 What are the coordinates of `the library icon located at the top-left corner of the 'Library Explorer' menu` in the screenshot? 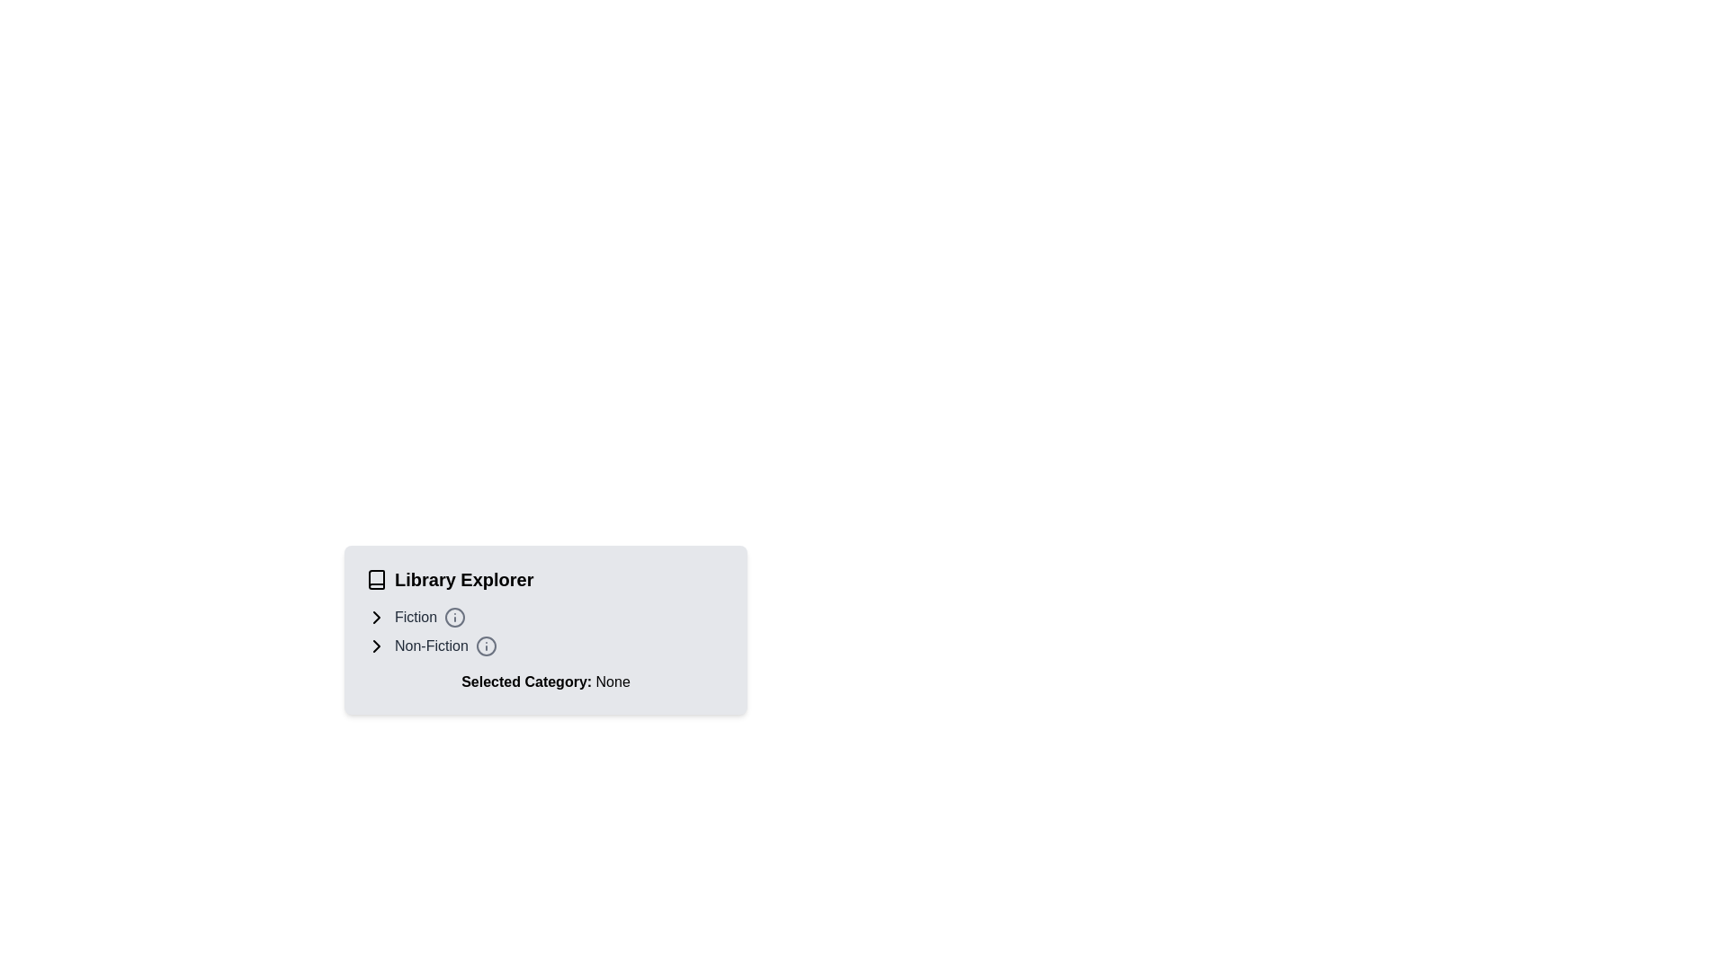 It's located at (375, 579).